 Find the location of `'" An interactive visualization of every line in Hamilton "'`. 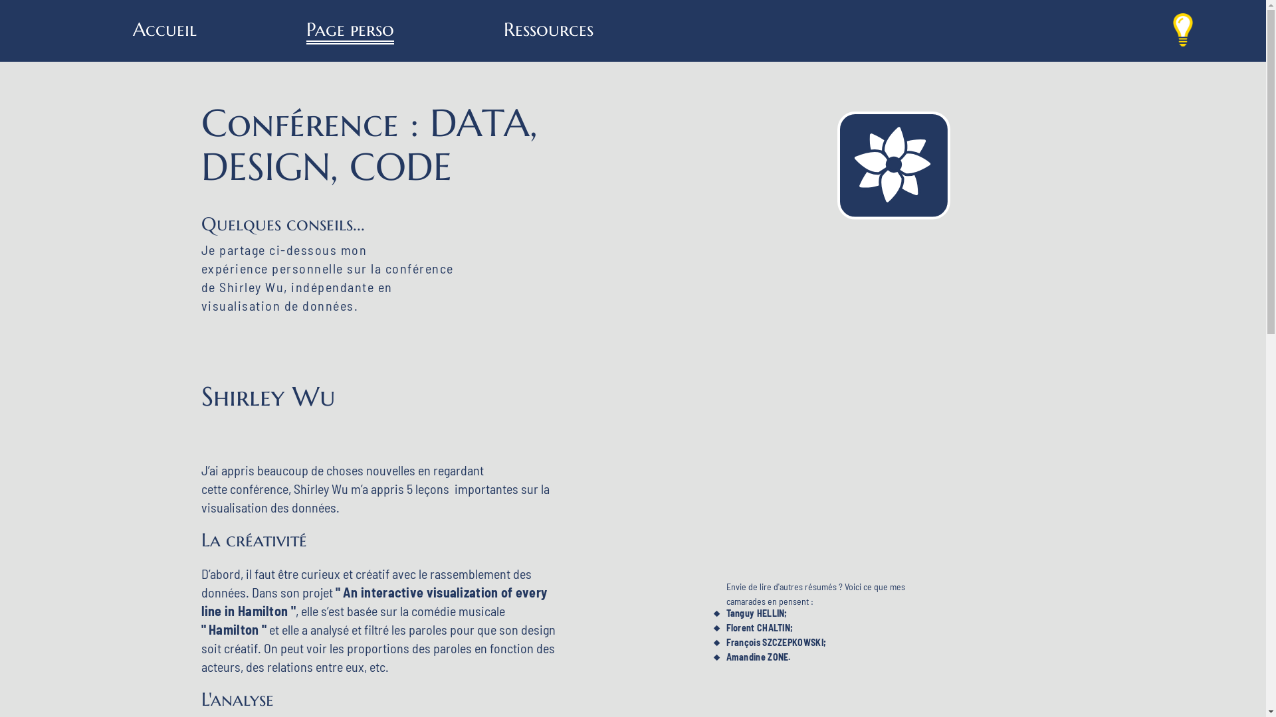

'" An interactive visualization of every line in Hamilton "' is located at coordinates (373, 601).